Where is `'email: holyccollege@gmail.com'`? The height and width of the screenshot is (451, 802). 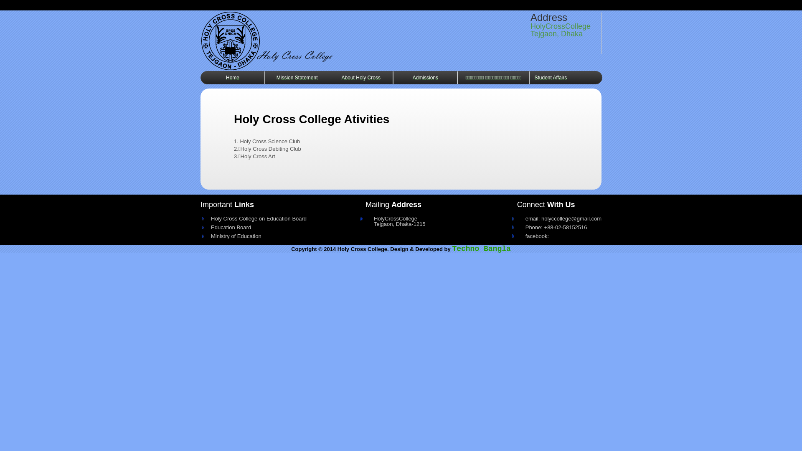
'email: holyccollege@gmail.com' is located at coordinates (517, 216).